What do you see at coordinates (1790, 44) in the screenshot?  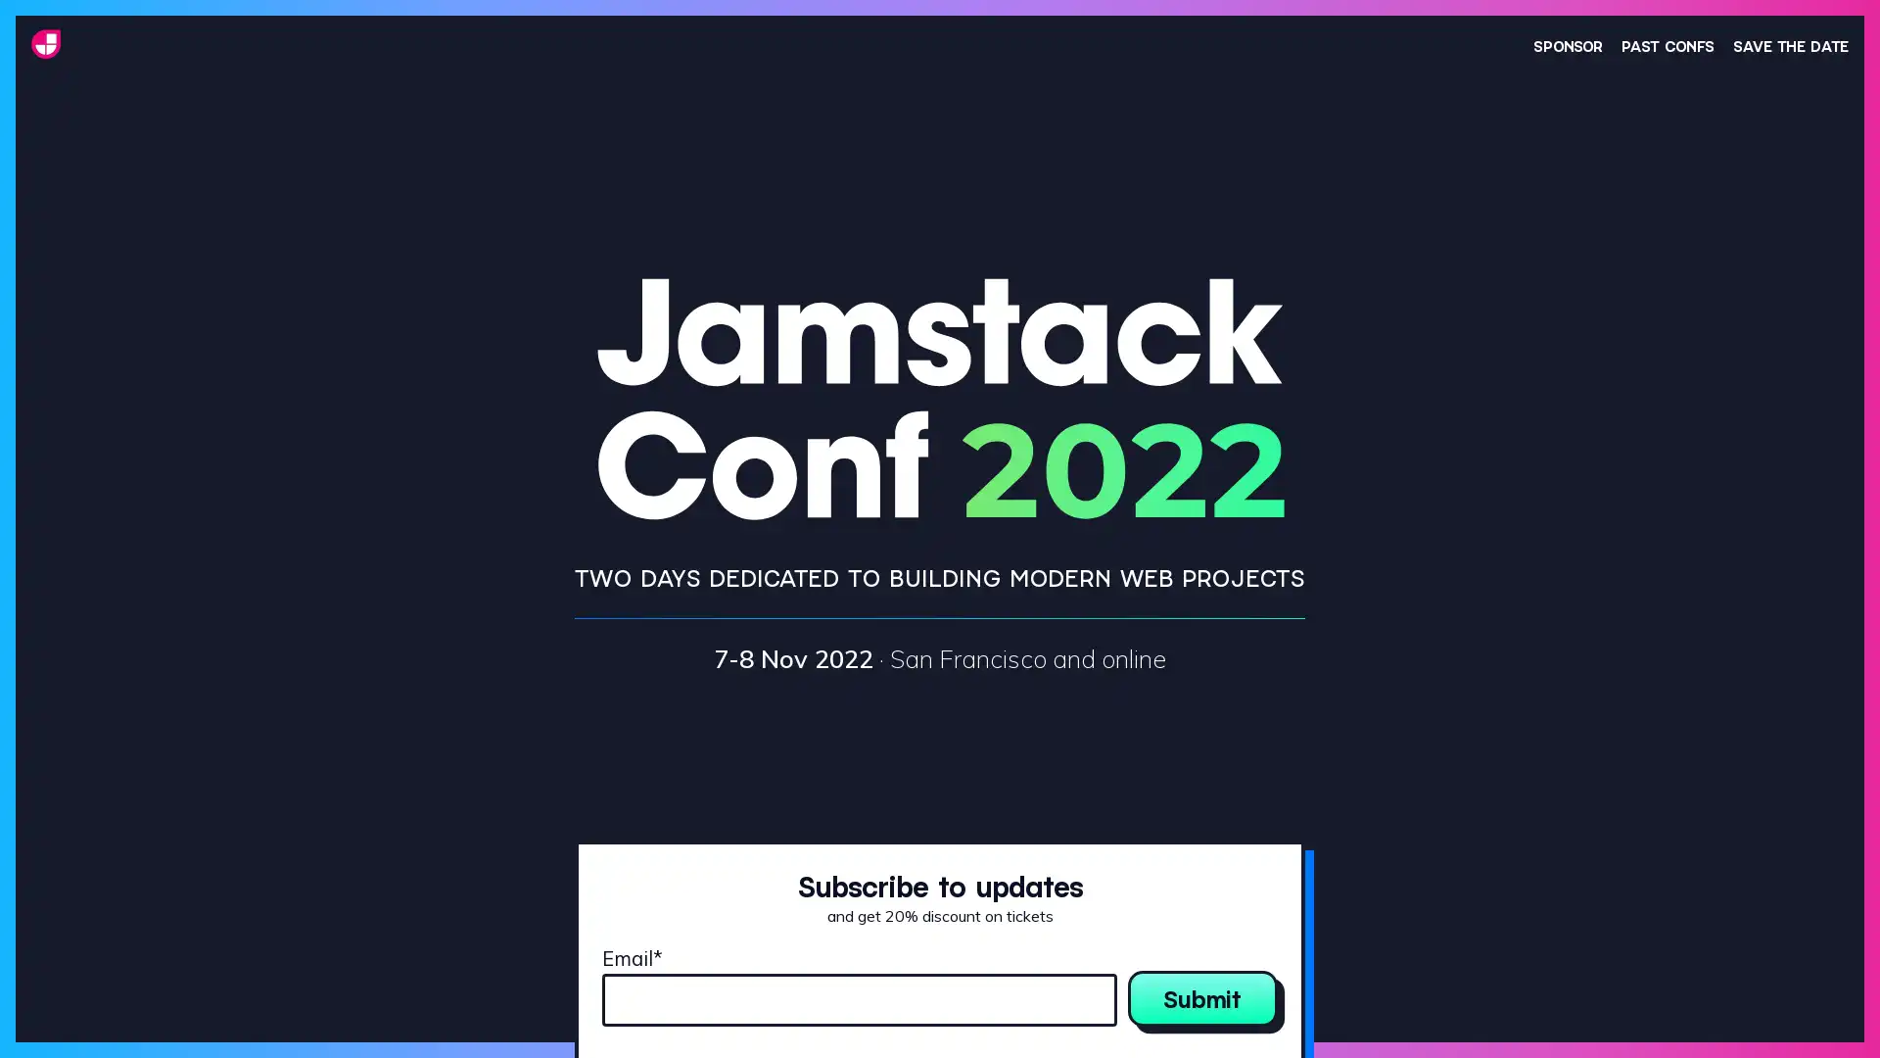 I see `SAVE THE DATE` at bounding box center [1790, 44].